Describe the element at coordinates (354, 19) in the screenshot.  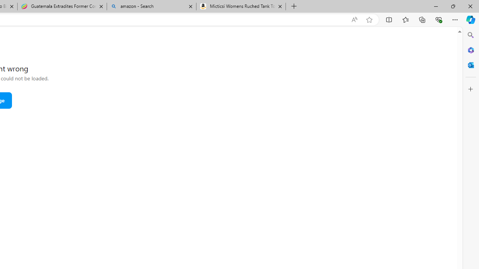
I see `'Read aloud this page (Ctrl+Shift+U)'` at that location.